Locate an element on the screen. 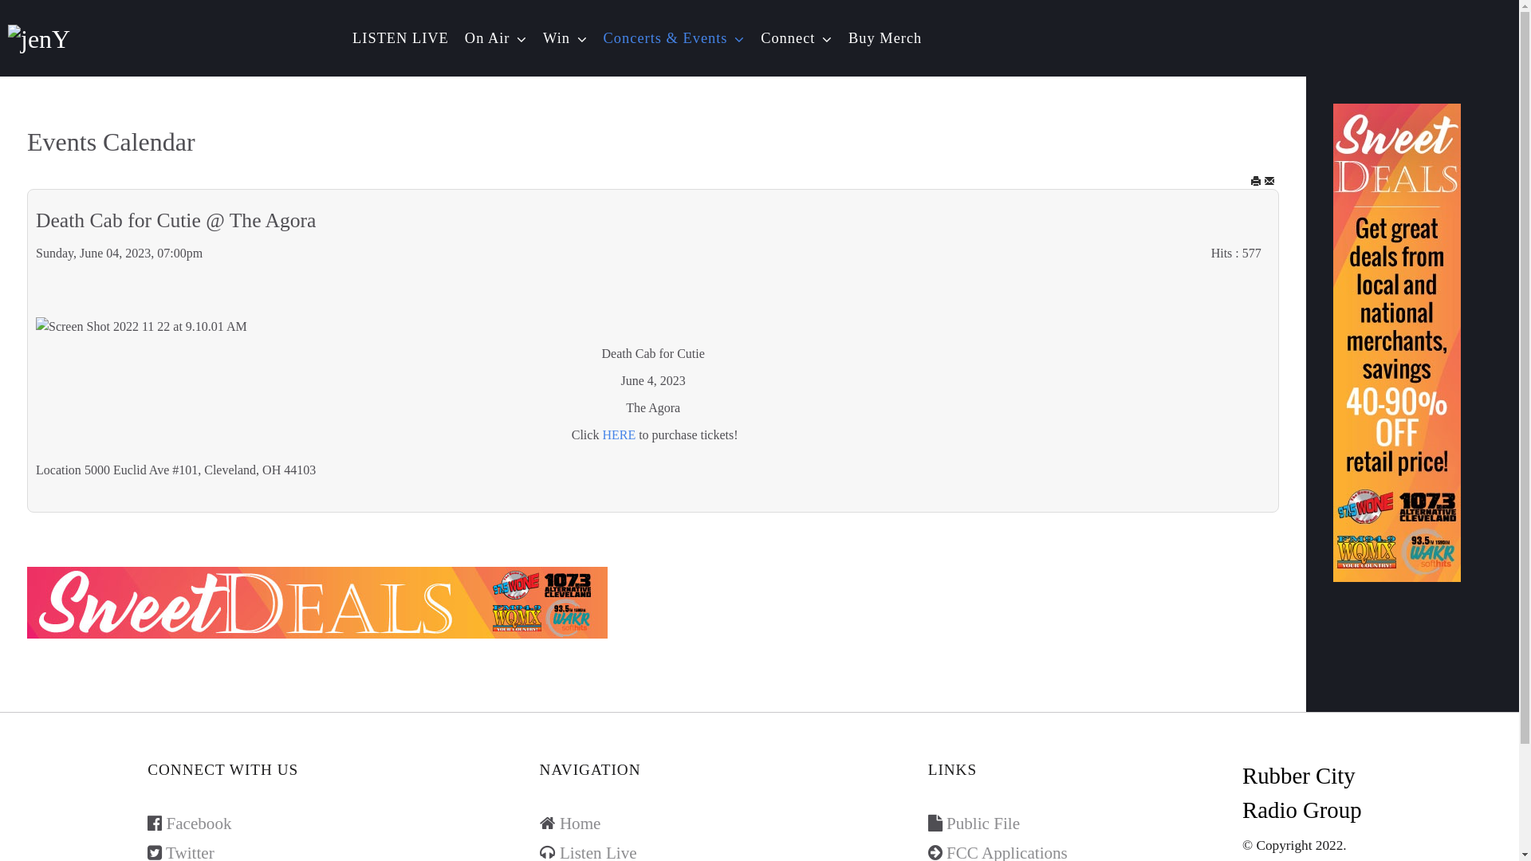 The image size is (1531, 861). 'Print' is located at coordinates (1254, 180).